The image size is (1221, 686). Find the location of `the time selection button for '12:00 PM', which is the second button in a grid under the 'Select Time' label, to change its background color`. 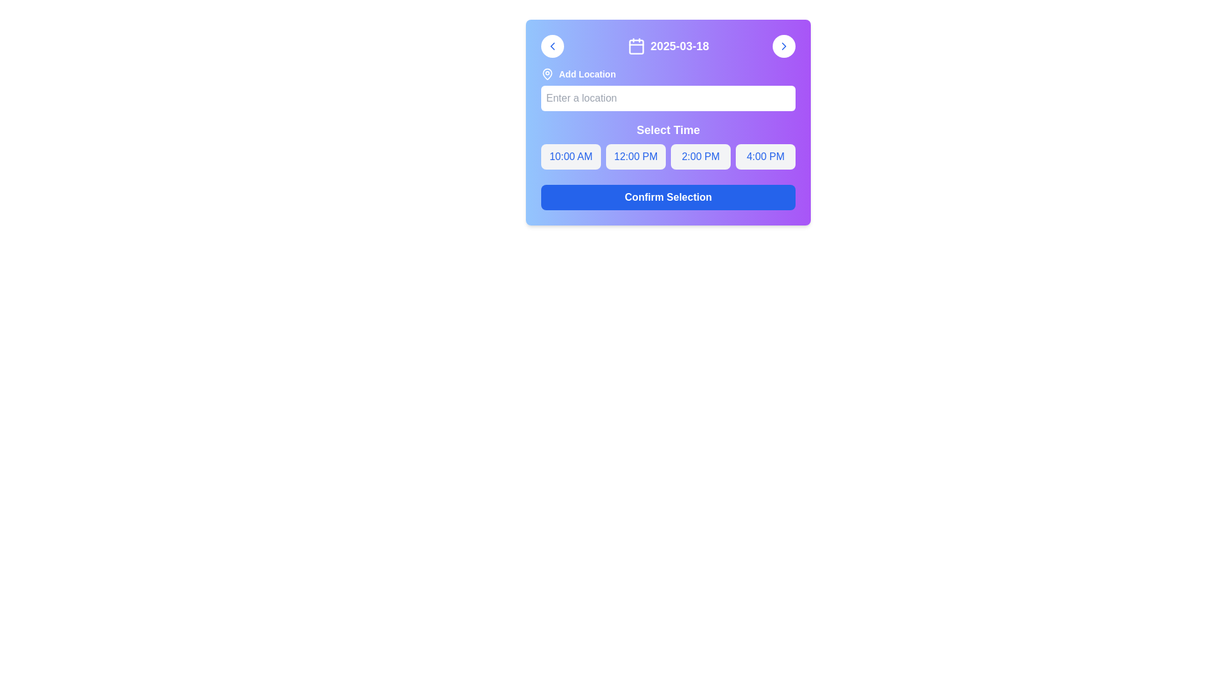

the time selection button for '12:00 PM', which is the second button in a grid under the 'Select Time' label, to change its background color is located at coordinates (635, 156).